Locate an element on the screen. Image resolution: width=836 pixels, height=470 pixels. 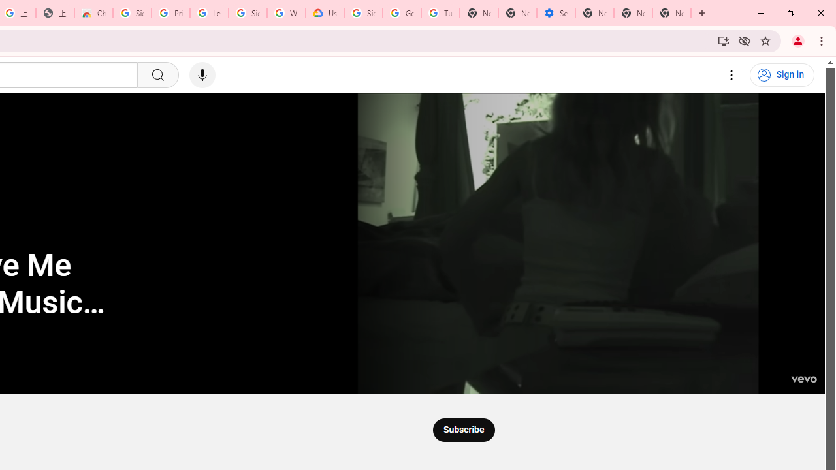
'Sign in - Google Accounts' is located at coordinates (132, 13).